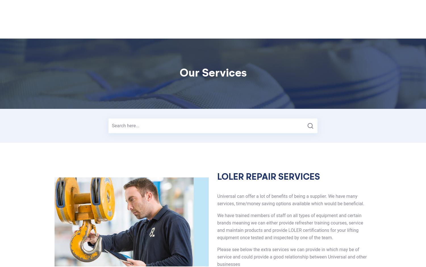 This screenshot has width=426, height=267. What do you see at coordinates (210, 26) in the screenshot?
I see `'False Car System'` at bounding box center [210, 26].